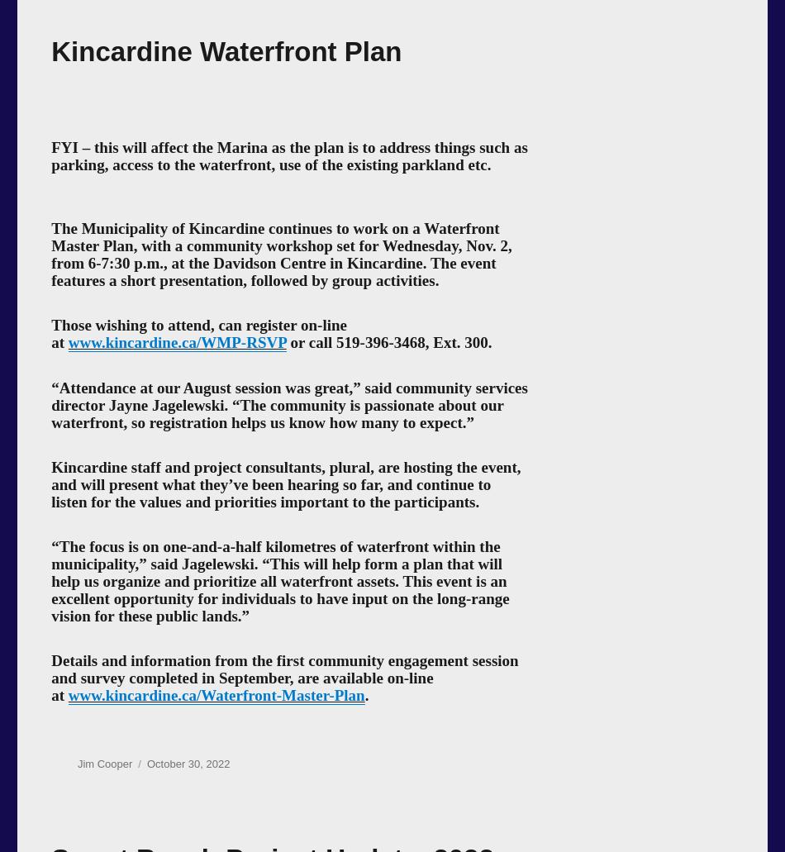  I want to click on 'Kincardine Waterfront Plan', so click(225, 51).